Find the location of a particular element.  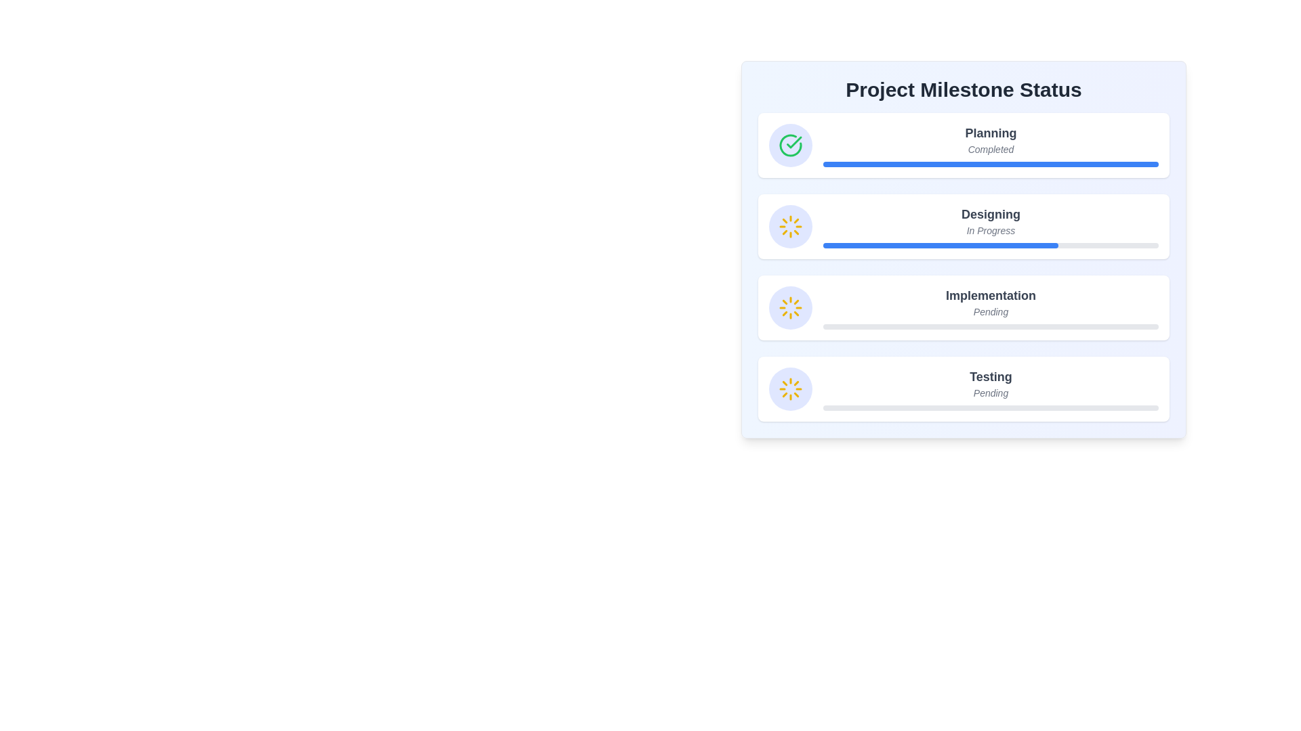

the blue progress bar element representing the 'Designing' milestone in the tracker is located at coordinates (940, 245).